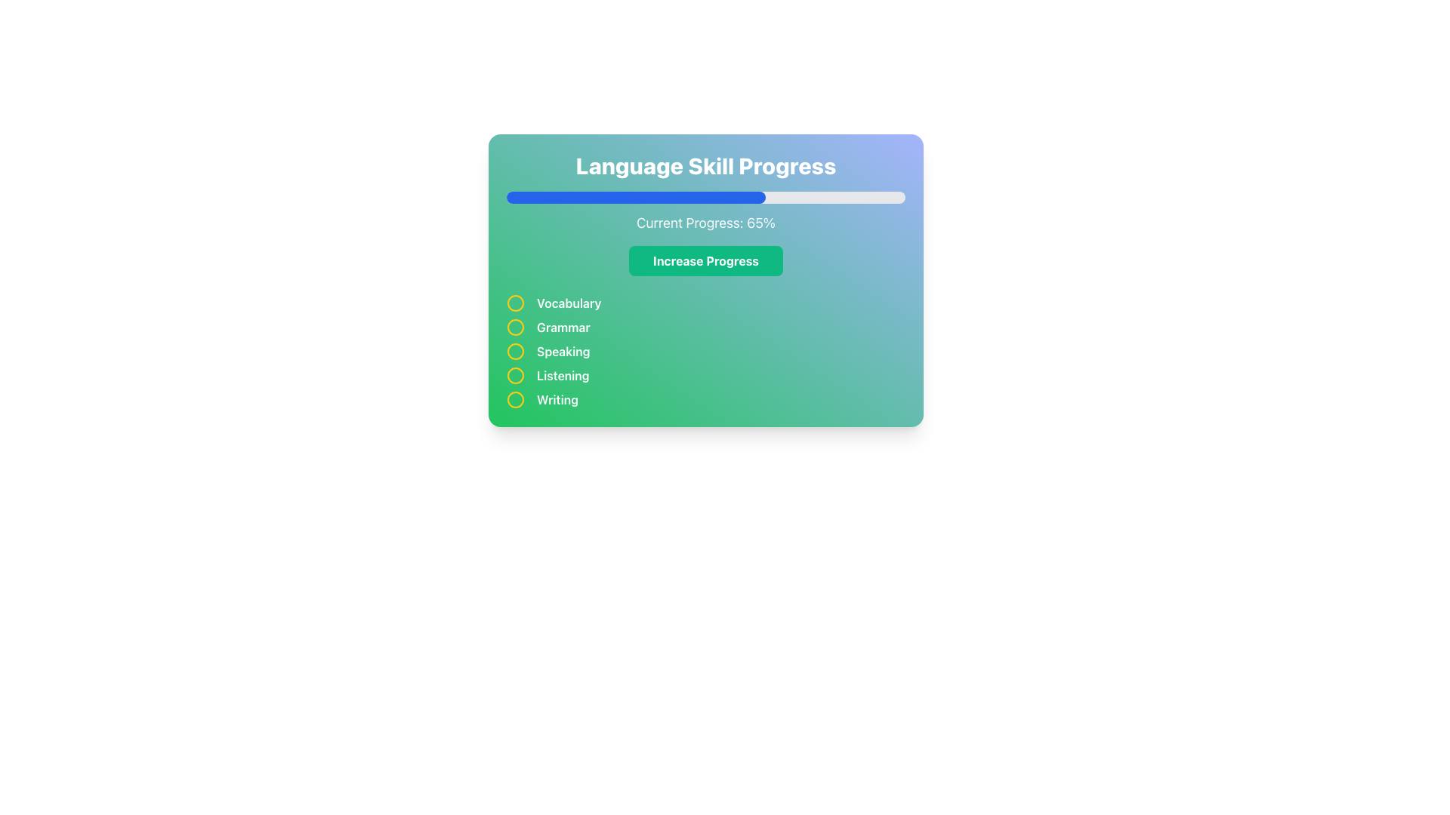 The height and width of the screenshot is (815, 1450). I want to click on the state of the 'Listening' category icon, which is the fourth circle in a vertical list located beneath the 'Listening' label text, so click(515, 374).